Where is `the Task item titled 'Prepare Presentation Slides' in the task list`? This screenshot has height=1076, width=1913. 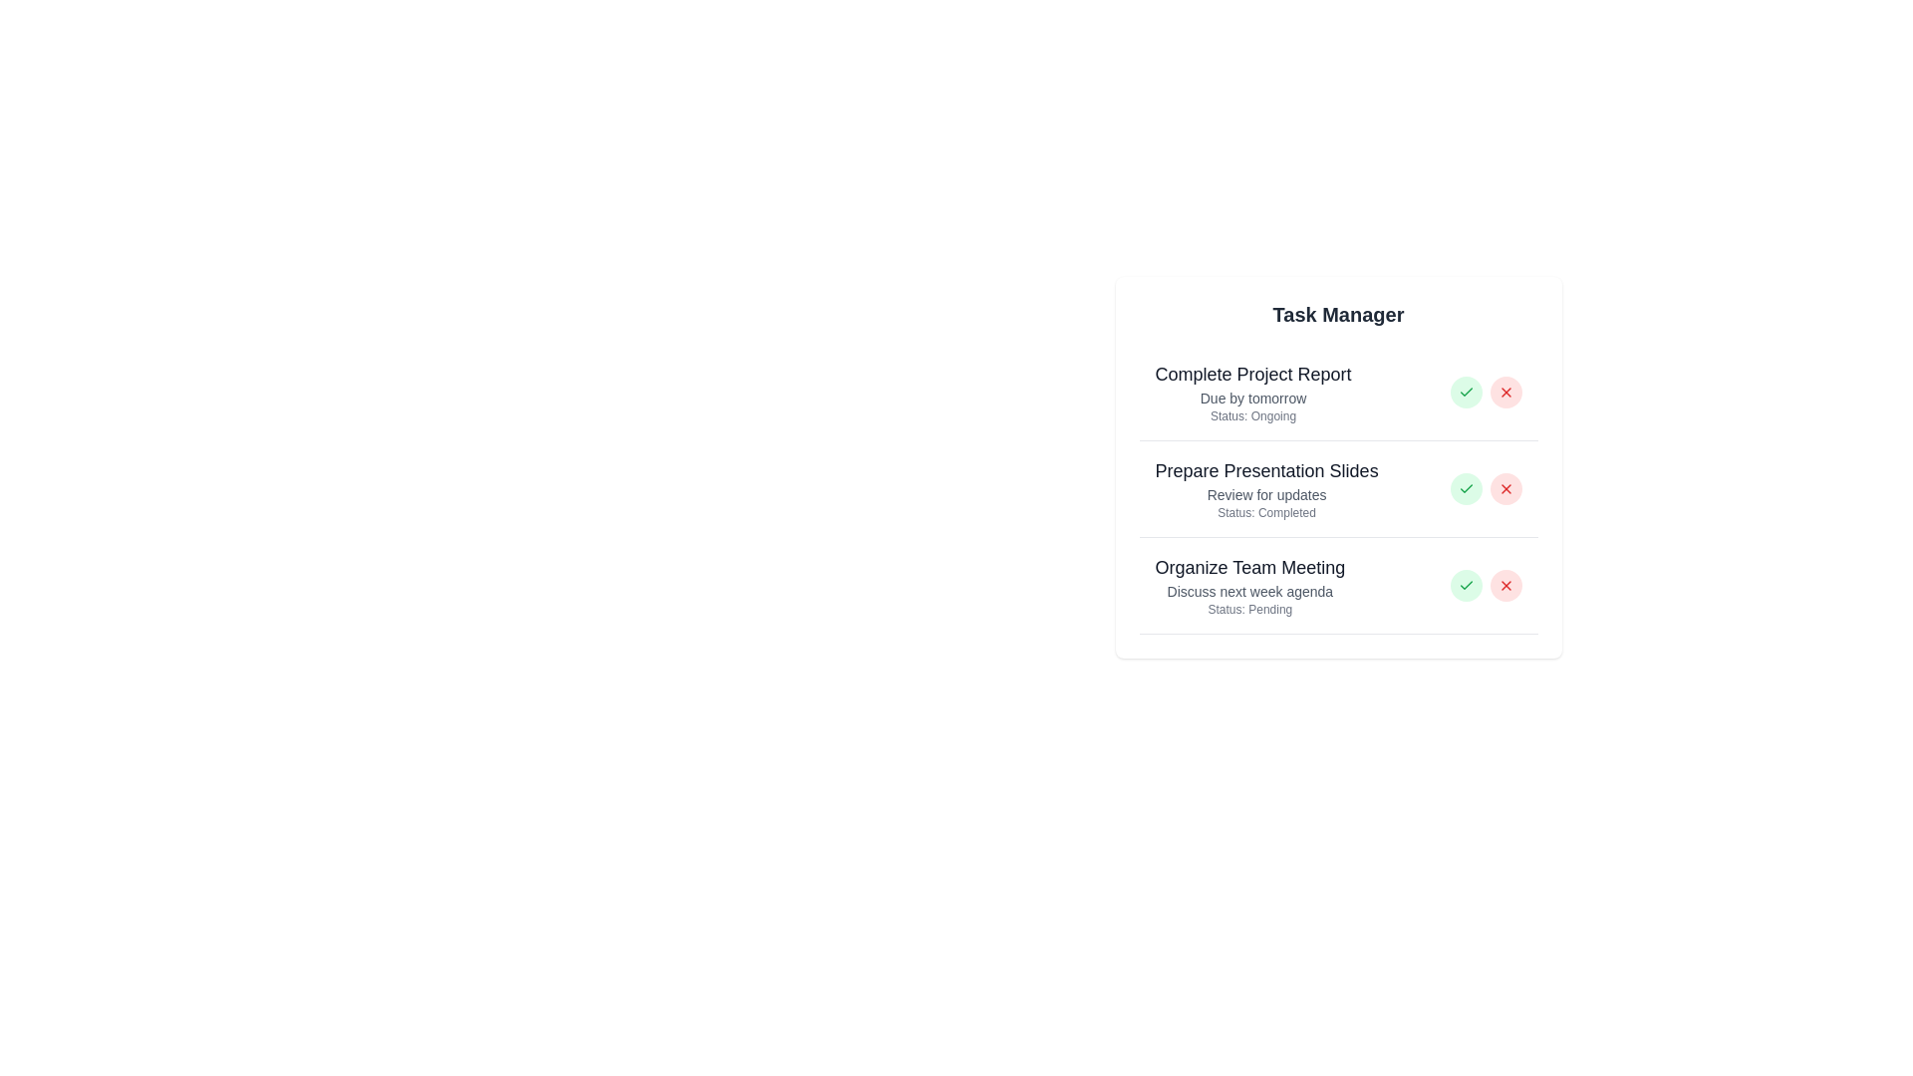 the Task item titled 'Prepare Presentation Slides' in the task list is located at coordinates (1338, 489).